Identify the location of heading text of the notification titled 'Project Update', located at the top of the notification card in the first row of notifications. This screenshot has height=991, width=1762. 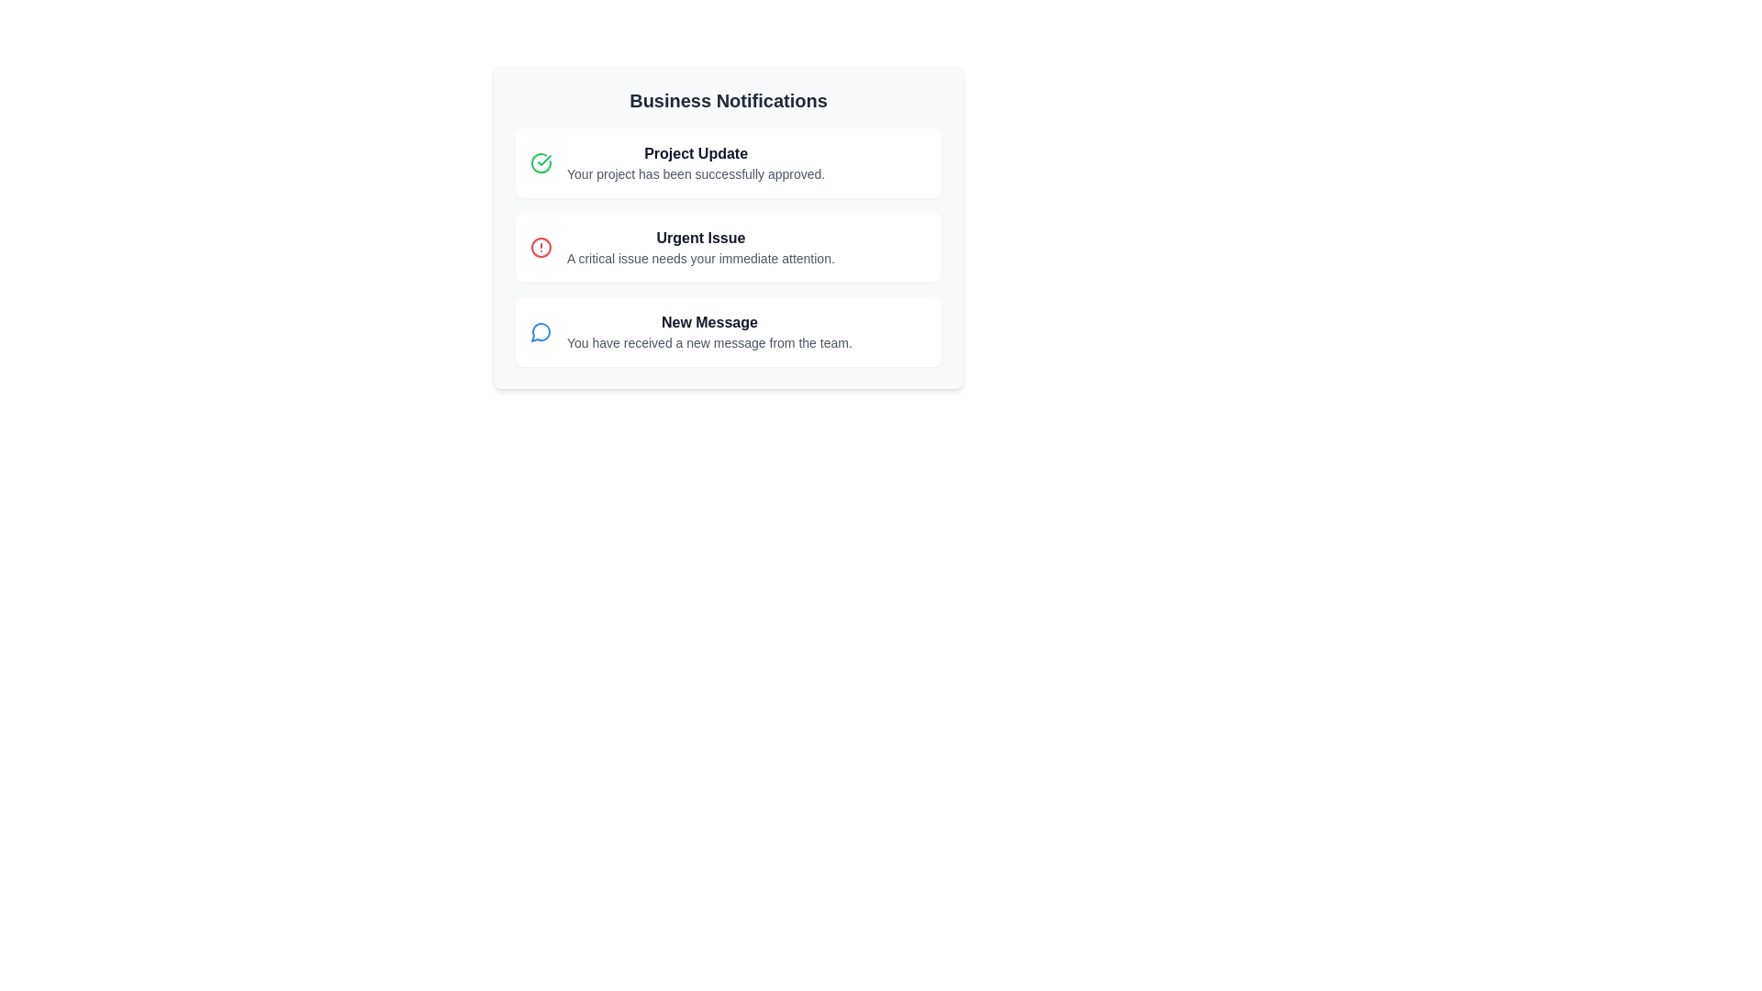
(695, 153).